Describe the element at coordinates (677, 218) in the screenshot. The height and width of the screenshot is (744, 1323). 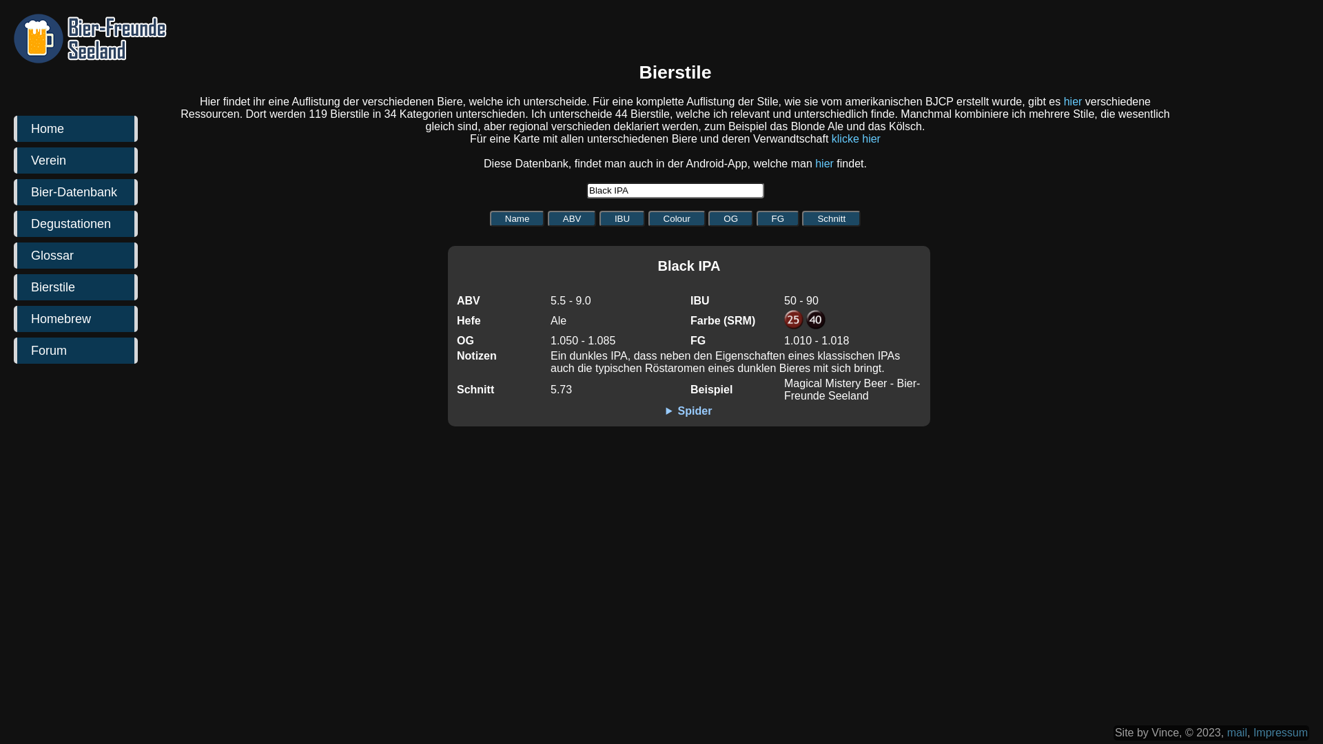
I see `'Colour'` at that location.